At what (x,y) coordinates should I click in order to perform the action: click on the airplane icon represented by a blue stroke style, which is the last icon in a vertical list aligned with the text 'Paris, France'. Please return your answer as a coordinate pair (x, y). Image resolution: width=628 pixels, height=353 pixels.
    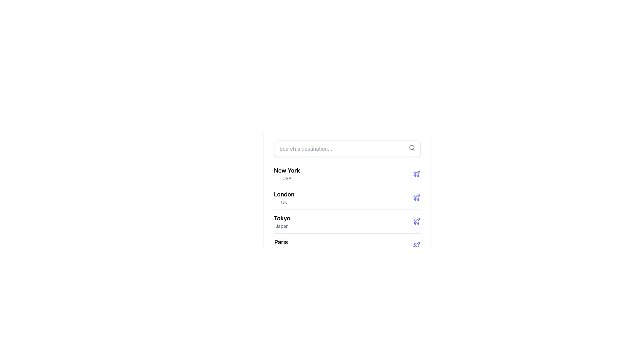
    Looking at the image, I should click on (416, 245).